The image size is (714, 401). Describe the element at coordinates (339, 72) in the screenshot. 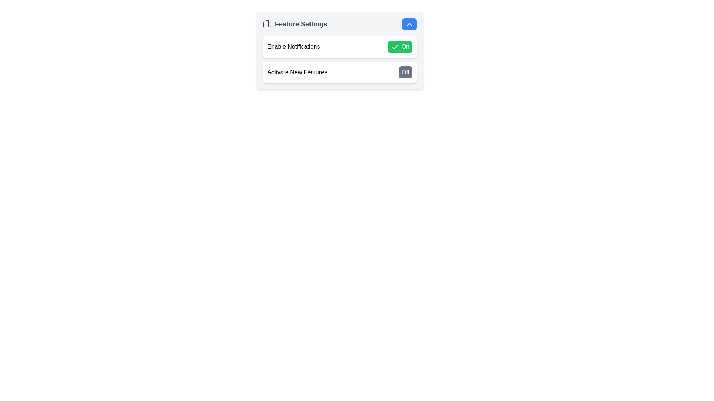

I see `the 'Activate New Features' toggle switch component` at that location.